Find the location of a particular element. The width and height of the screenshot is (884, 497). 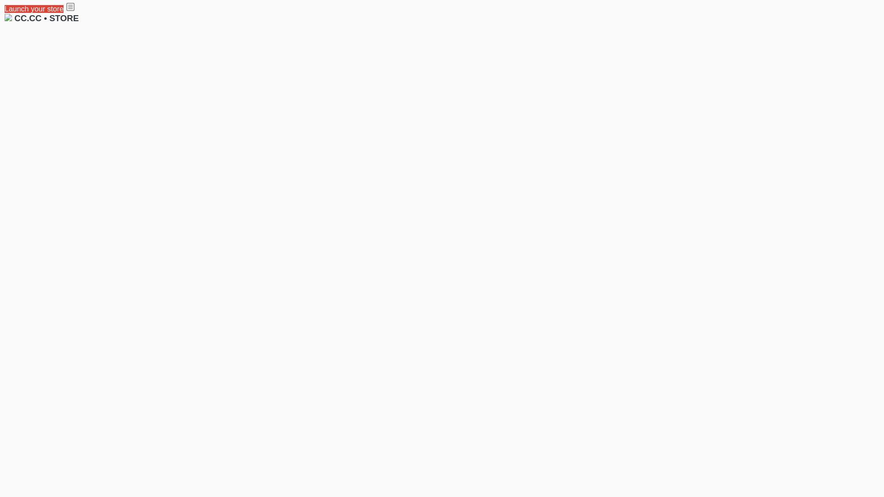

'Launch your store' is located at coordinates (34, 9).